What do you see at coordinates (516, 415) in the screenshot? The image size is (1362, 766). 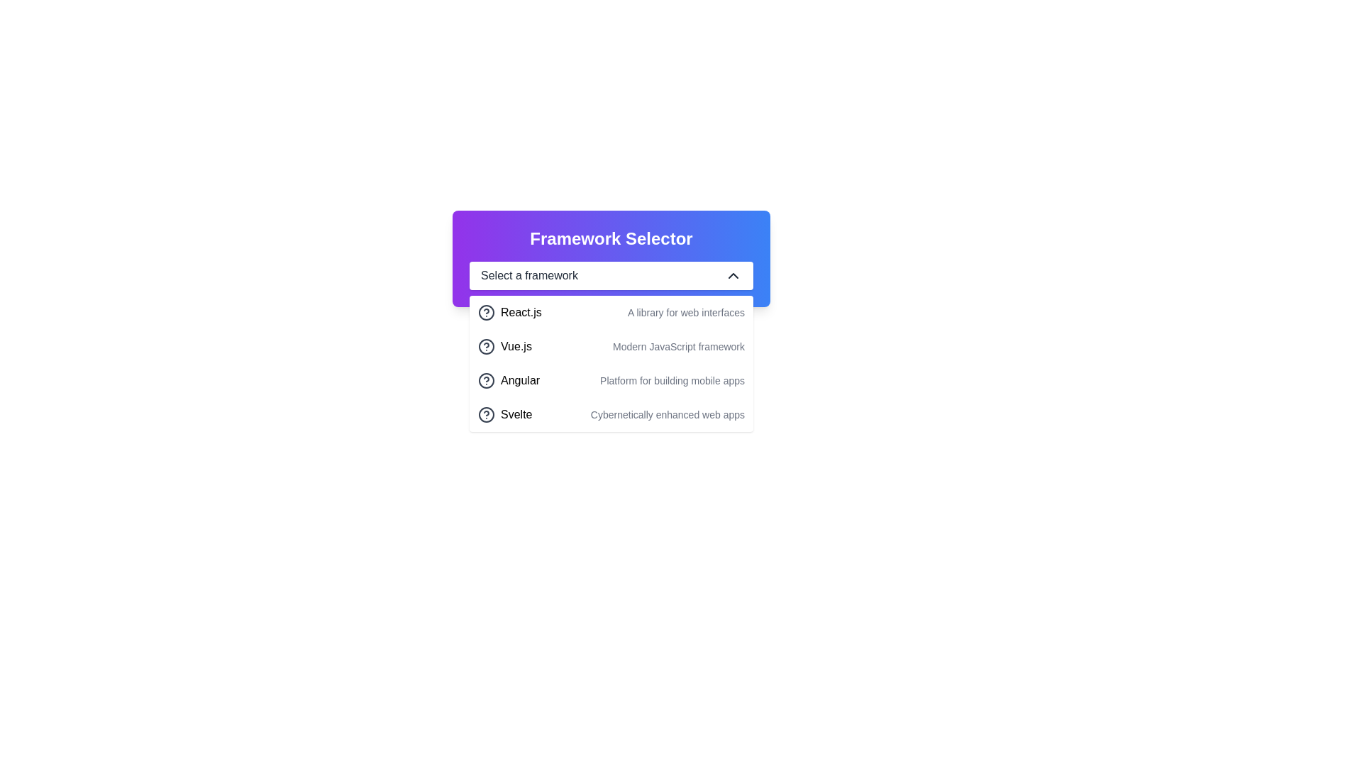 I see `text content of the 'Svelte' label, which is the last option in a vertical list of frameworks` at bounding box center [516, 415].